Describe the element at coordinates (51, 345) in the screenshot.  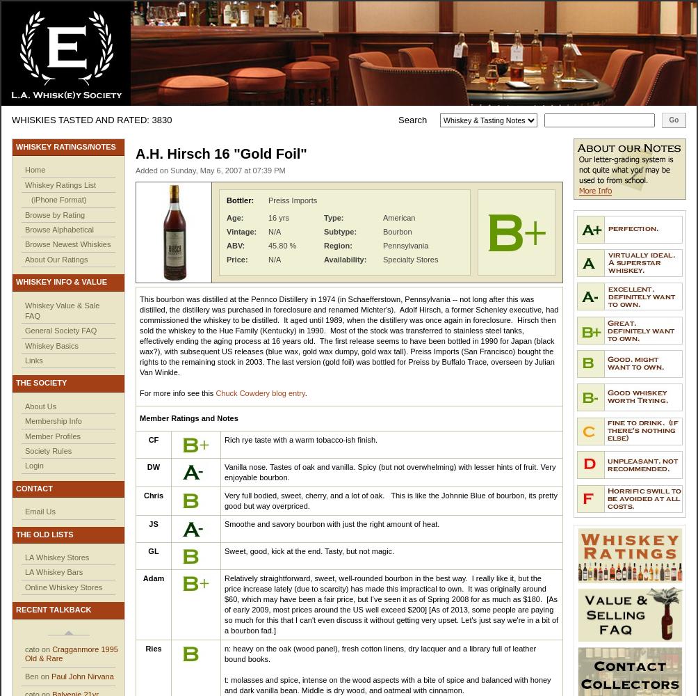
I see `'Whiskey Basics'` at that location.